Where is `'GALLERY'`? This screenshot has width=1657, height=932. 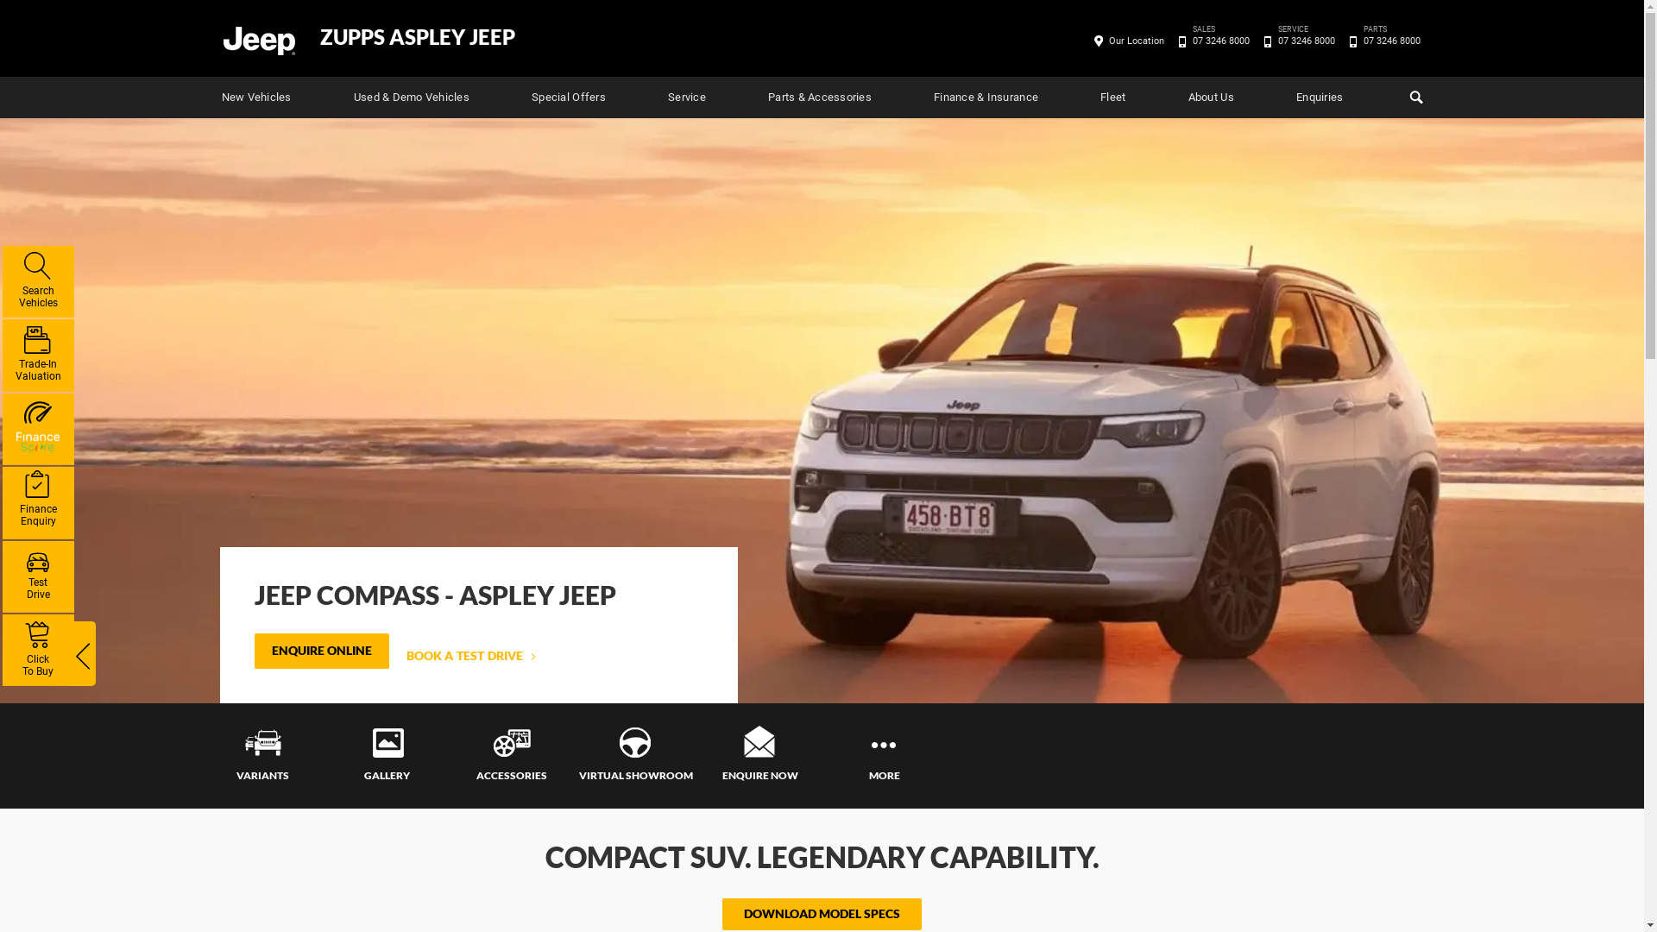 'GALLERY' is located at coordinates (385, 754).